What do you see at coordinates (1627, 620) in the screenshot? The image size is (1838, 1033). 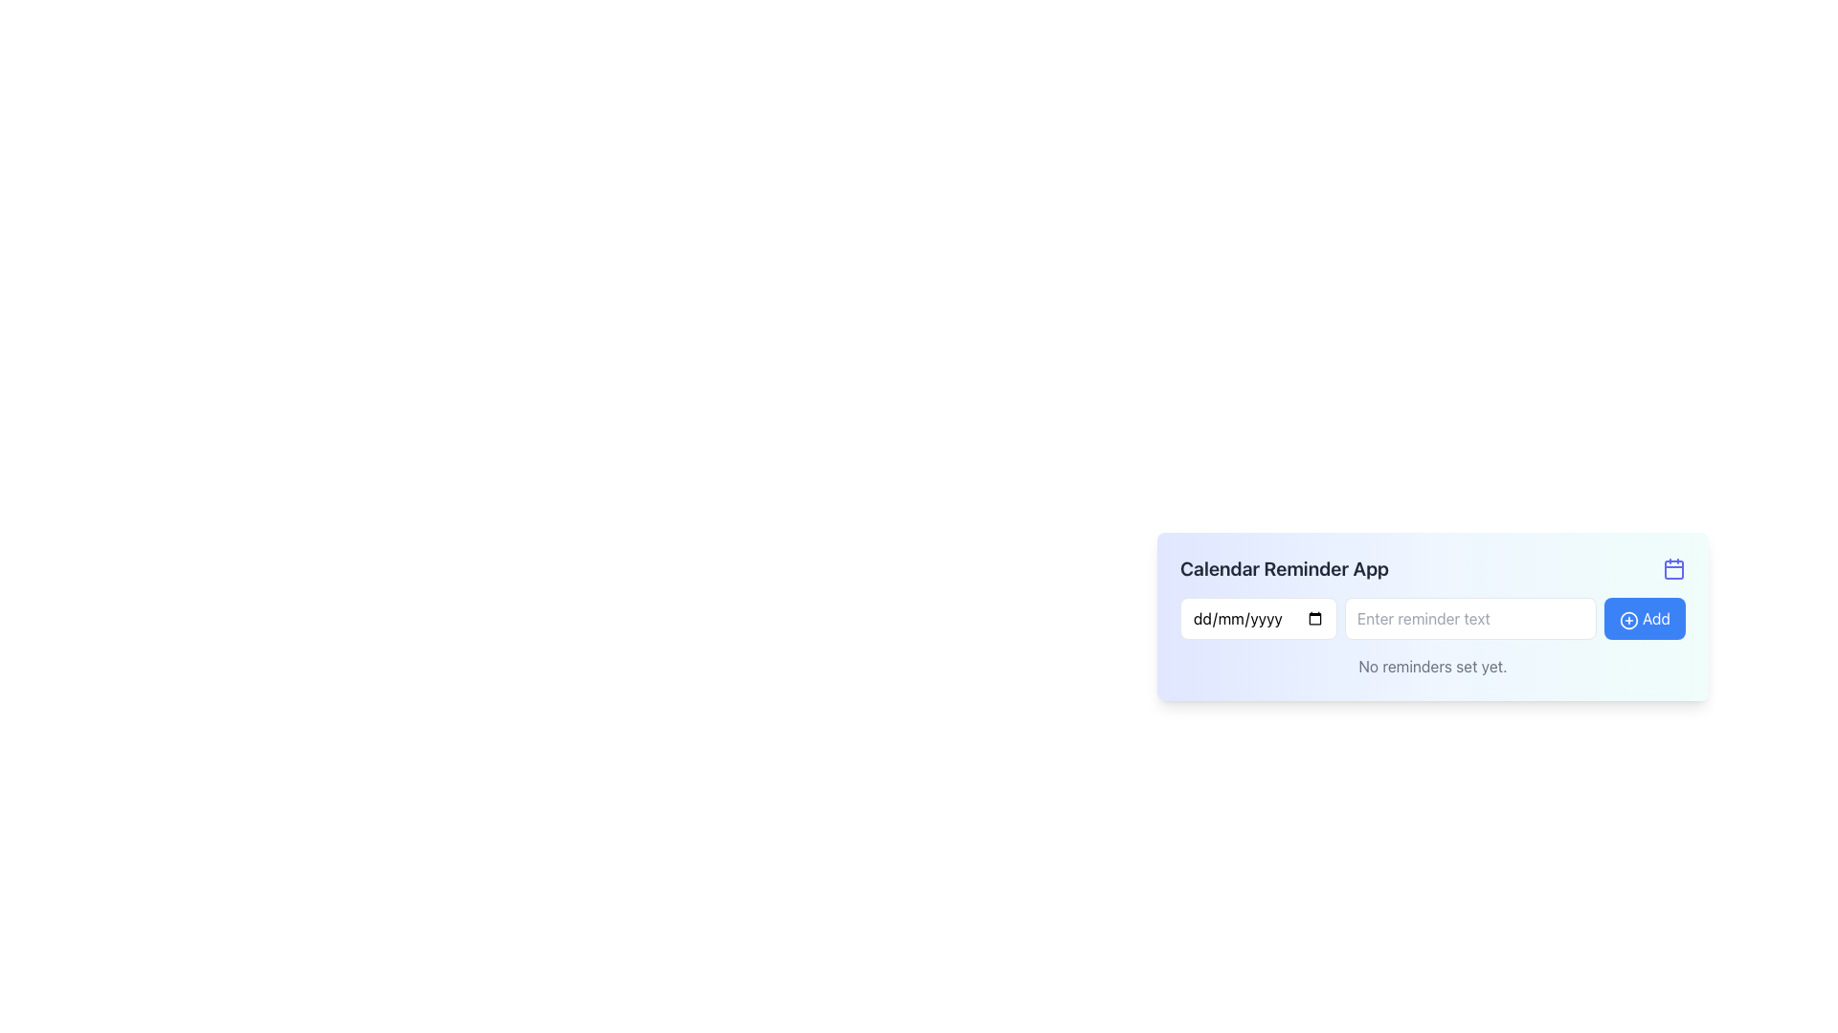 I see `the 'Add' button which contains a circular icon decoration with a plus sign, located in the top-right side of a card-like interface` at bounding box center [1627, 620].